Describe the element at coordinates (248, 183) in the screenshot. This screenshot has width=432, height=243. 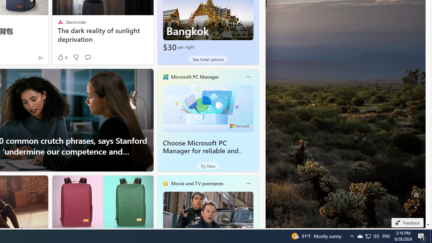
I see `'Class: icon-img'` at that location.